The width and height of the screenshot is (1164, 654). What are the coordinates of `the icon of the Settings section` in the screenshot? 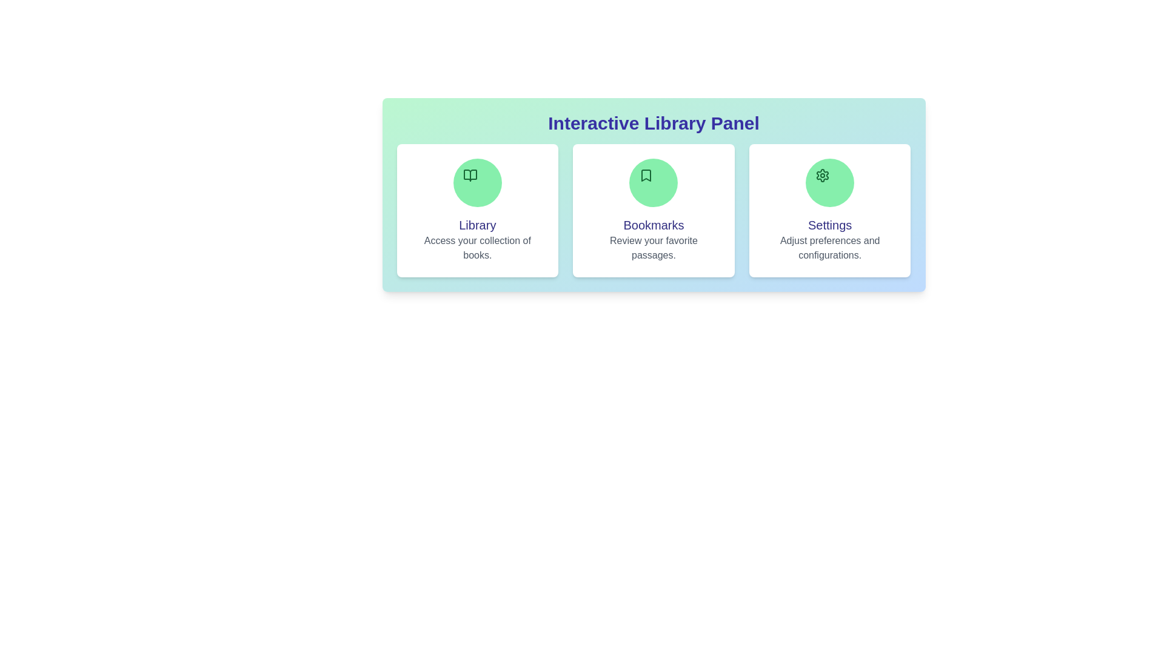 It's located at (829, 182).